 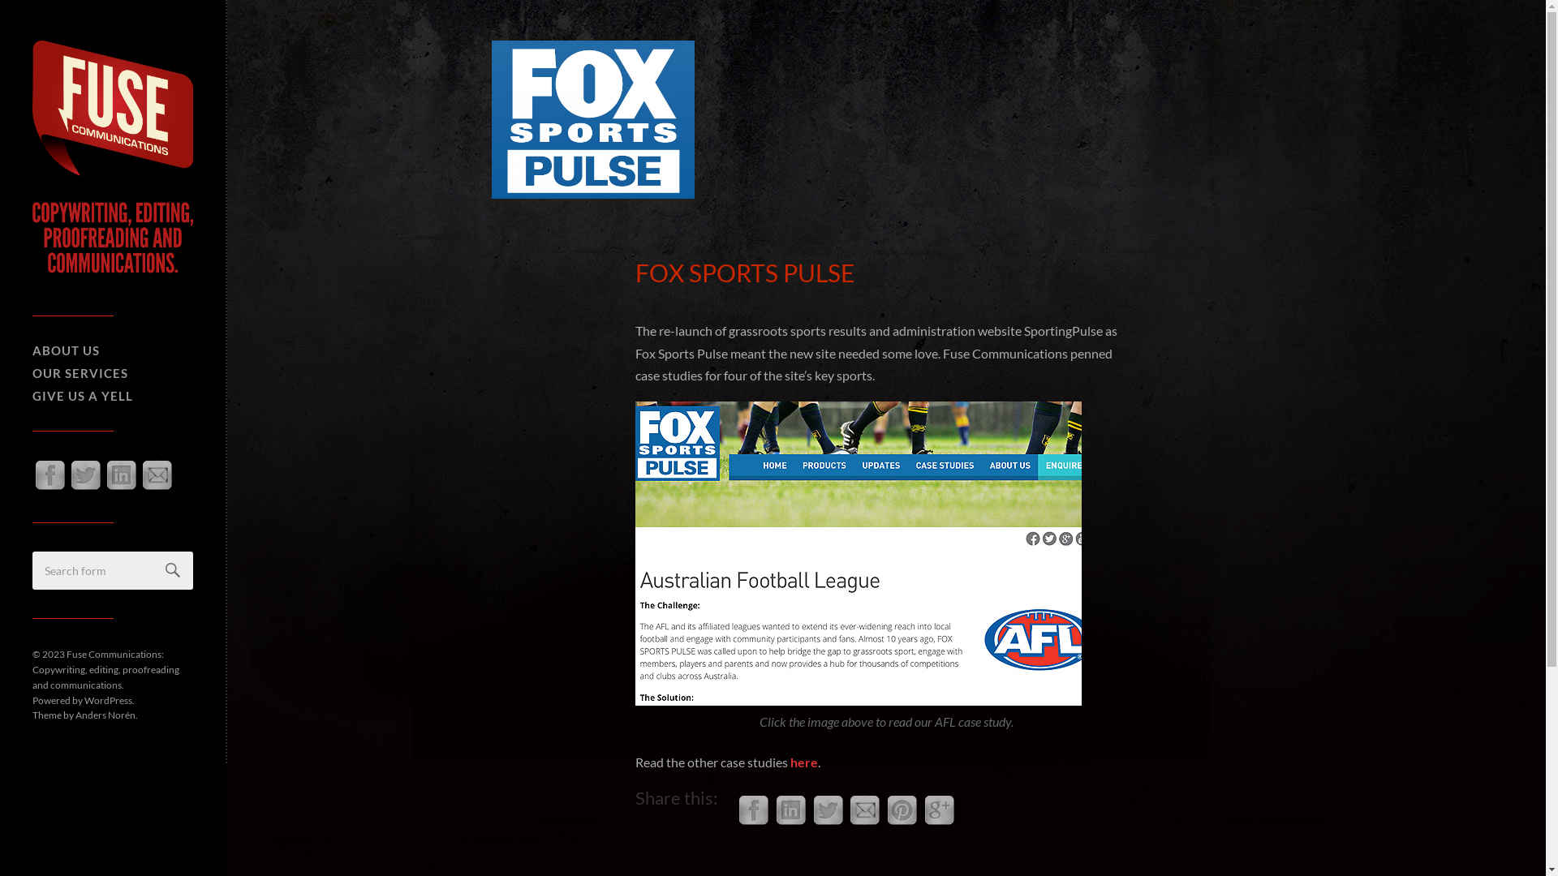 I want to click on 'here', so click(x=803, y=762).